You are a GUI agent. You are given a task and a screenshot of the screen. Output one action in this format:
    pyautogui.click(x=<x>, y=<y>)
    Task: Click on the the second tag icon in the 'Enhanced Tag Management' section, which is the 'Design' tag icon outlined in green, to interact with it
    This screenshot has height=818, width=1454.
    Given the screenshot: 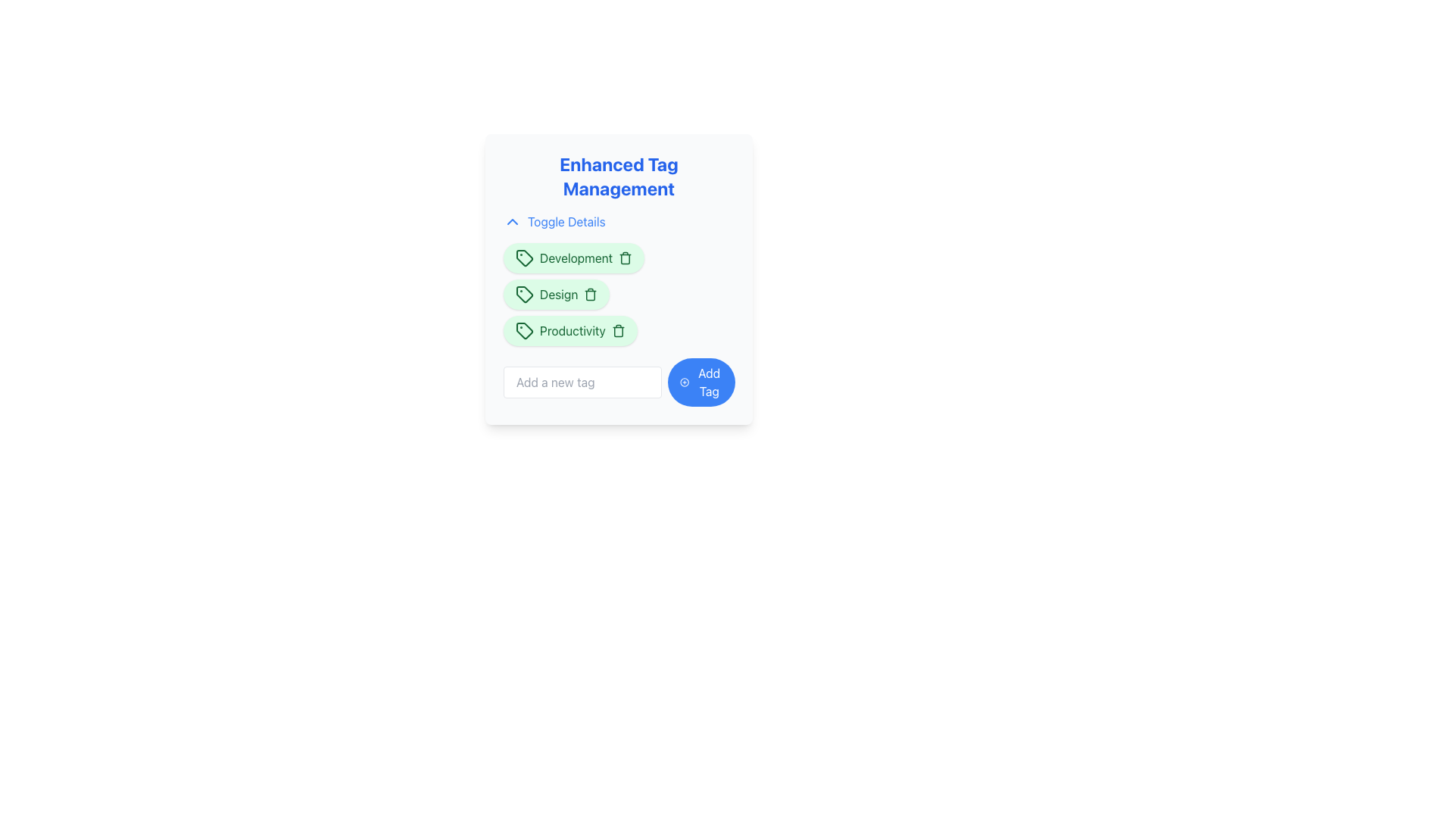 What is the action you would take?
    pyautogui.click(x=524, y=295)
    